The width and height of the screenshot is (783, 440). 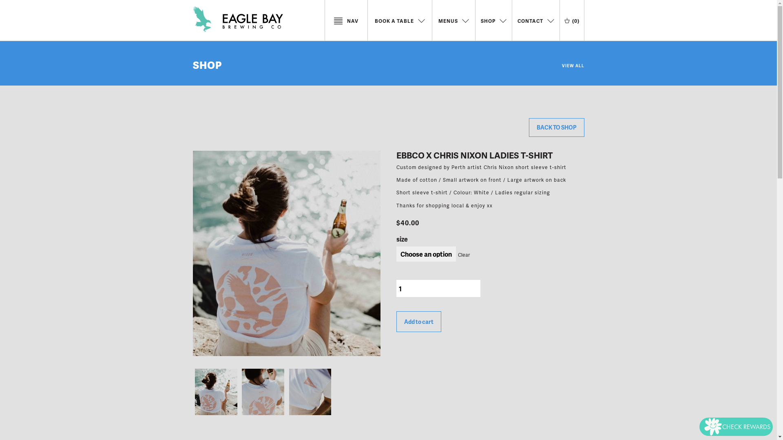 What do you see at coordinates (573, 62) in the screenshot?
I see `'VIEW ALL'` at bounding box center [573, 62].